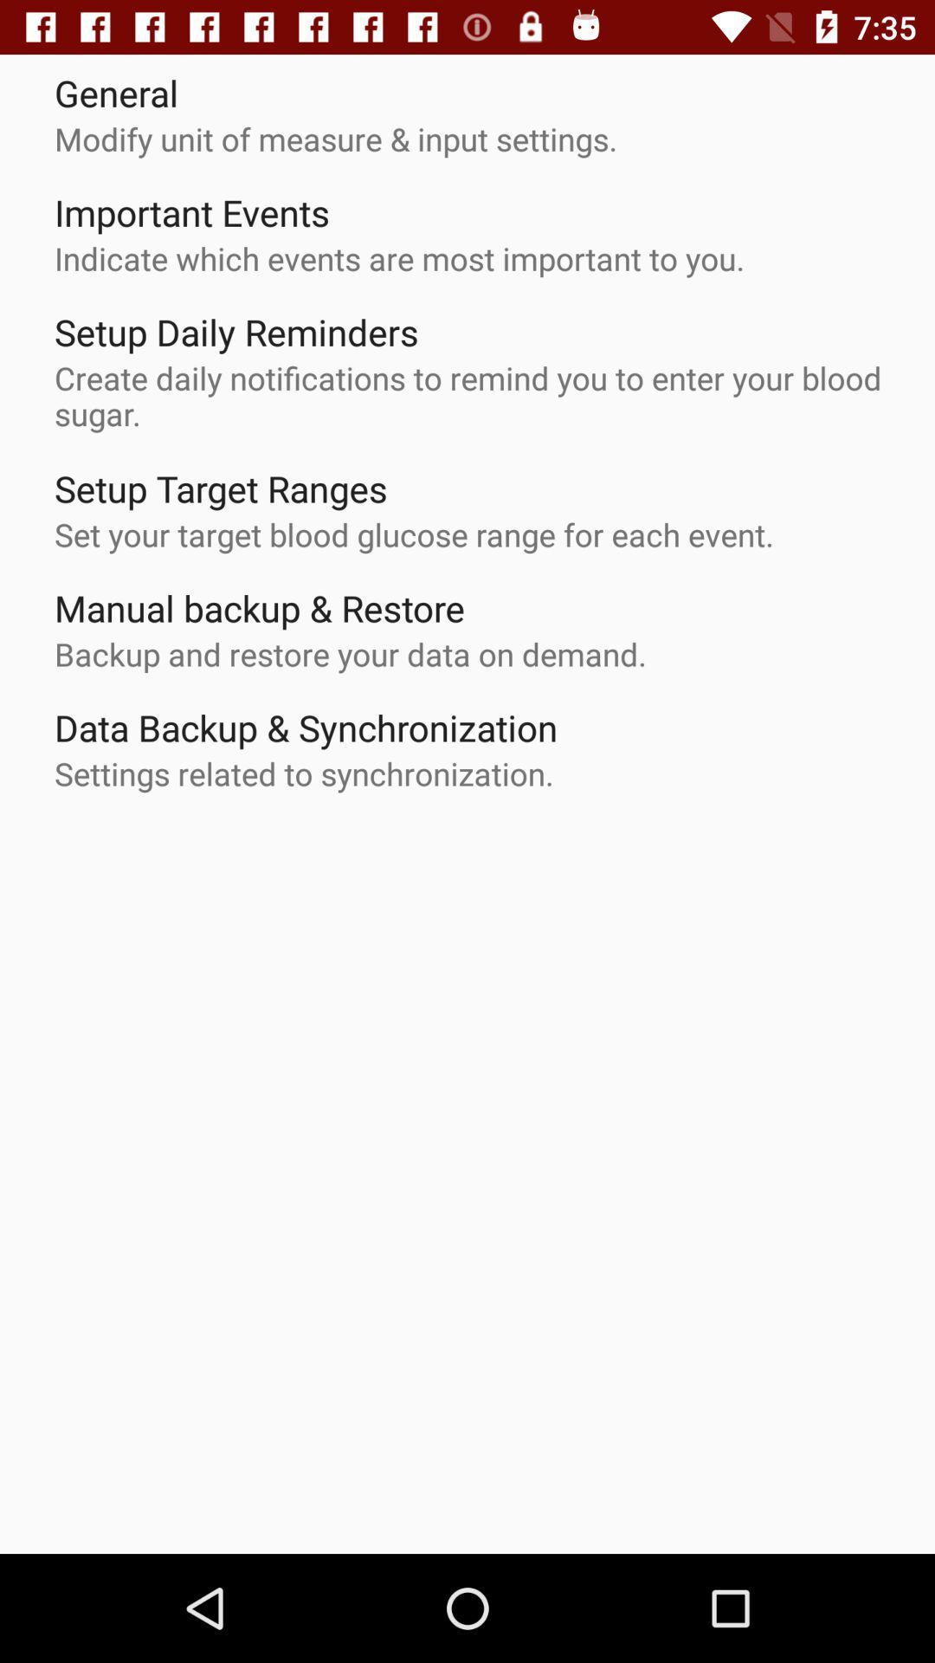  I want to click on item below important events app, so click(399, 257).